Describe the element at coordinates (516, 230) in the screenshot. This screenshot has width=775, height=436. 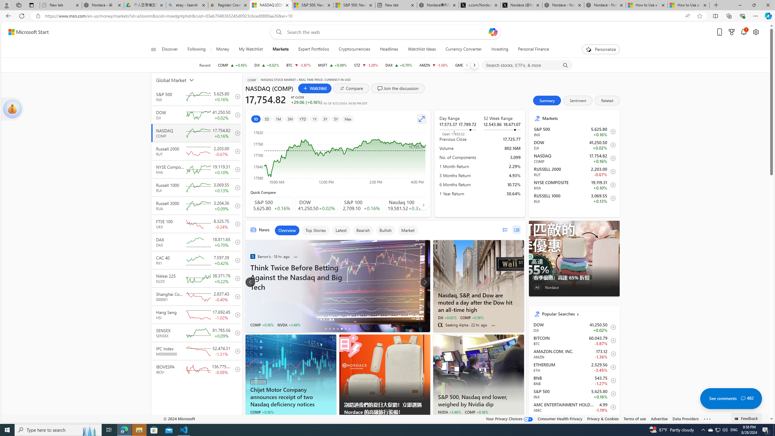
I see `'grid layout'` at that location.